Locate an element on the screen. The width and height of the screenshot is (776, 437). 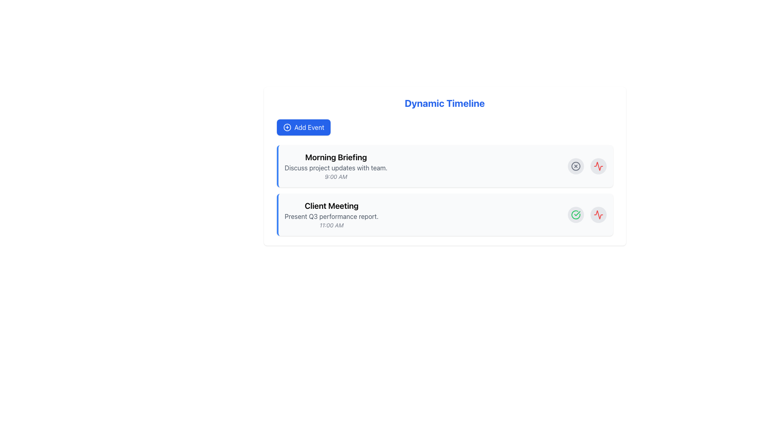
the small circular button with a light gray background and a dark gray border, featuring a dark gray 'X' icon, located on the right side of the 'Morning Briefing' task entry is located at coordinates (575, 166).